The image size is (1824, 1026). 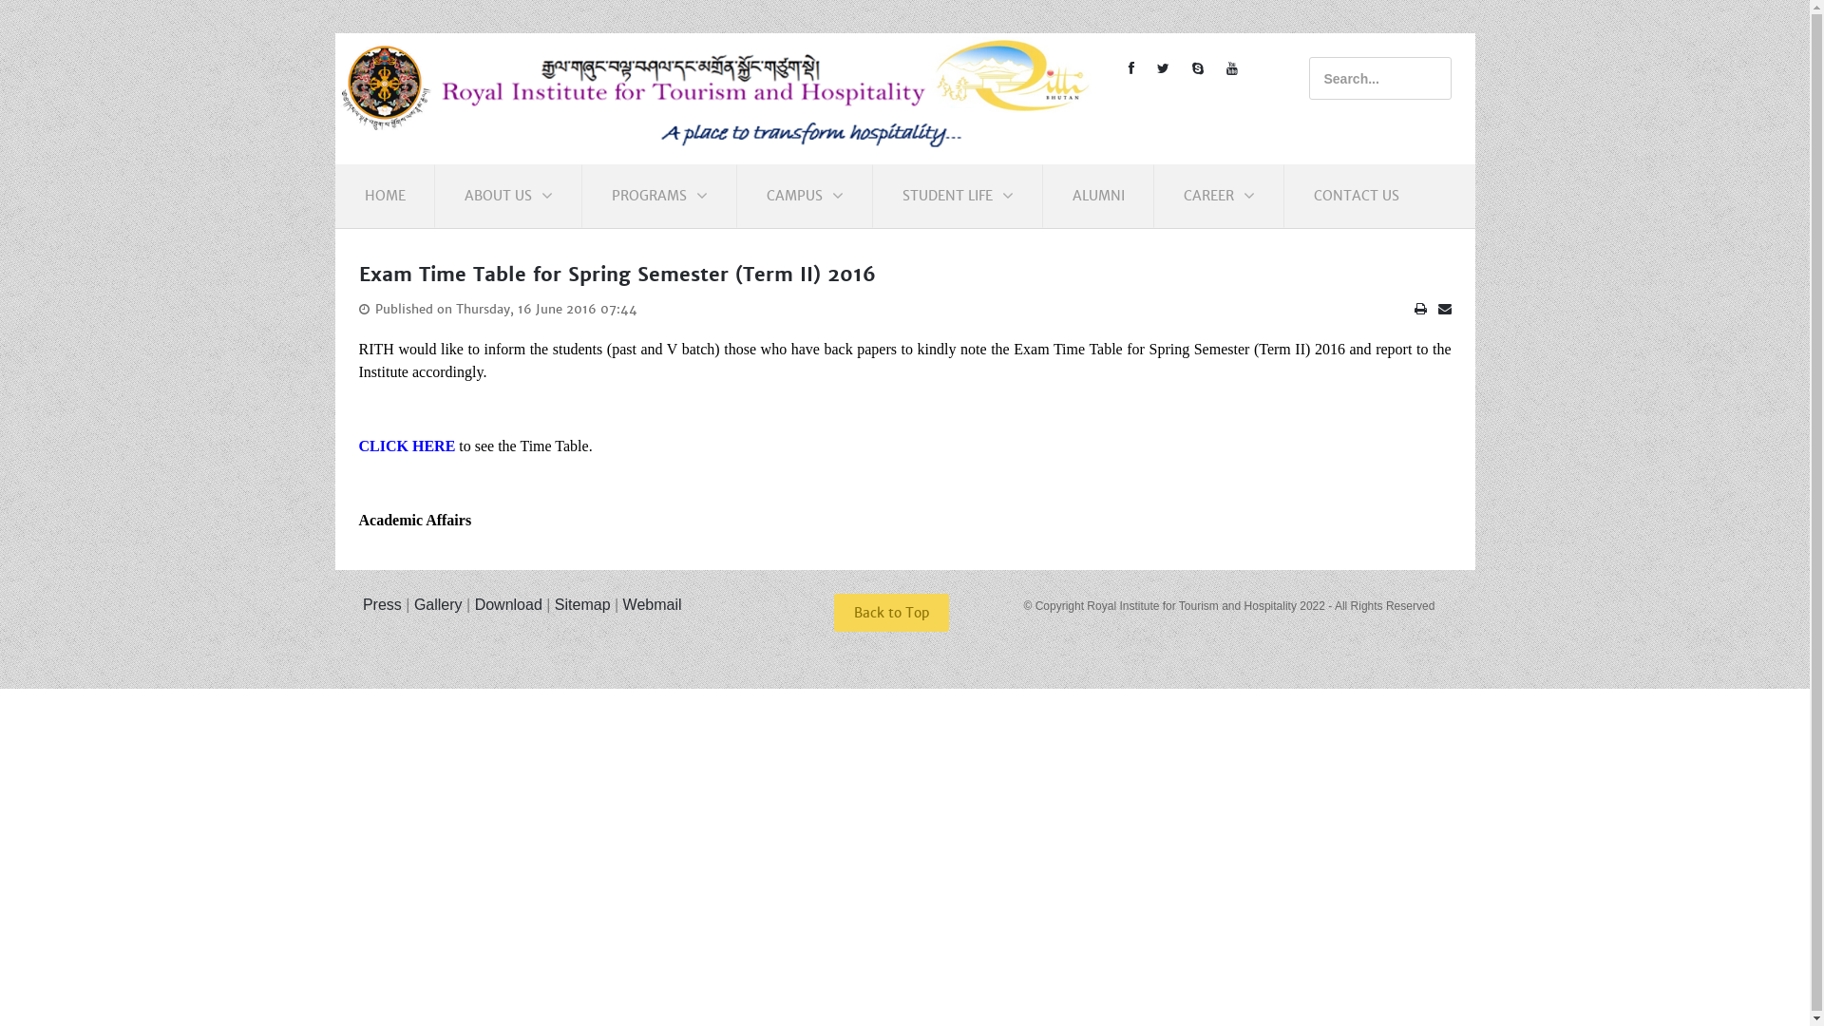 What do you see at coordinates (384, 196) in the screenshot?
I see `'HOME'` at bounding box center [384, 196].